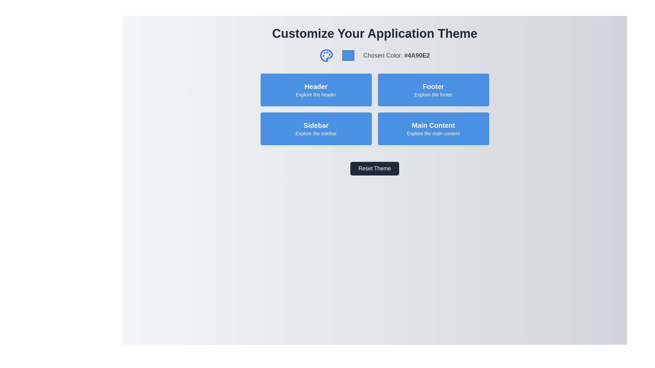 This screenshot has width=655, height=368. I want to click on the blue button labeled 'Sidebar' that has two lines of text, positioned in the lower-left side of the grid layout, so click(316, 129).